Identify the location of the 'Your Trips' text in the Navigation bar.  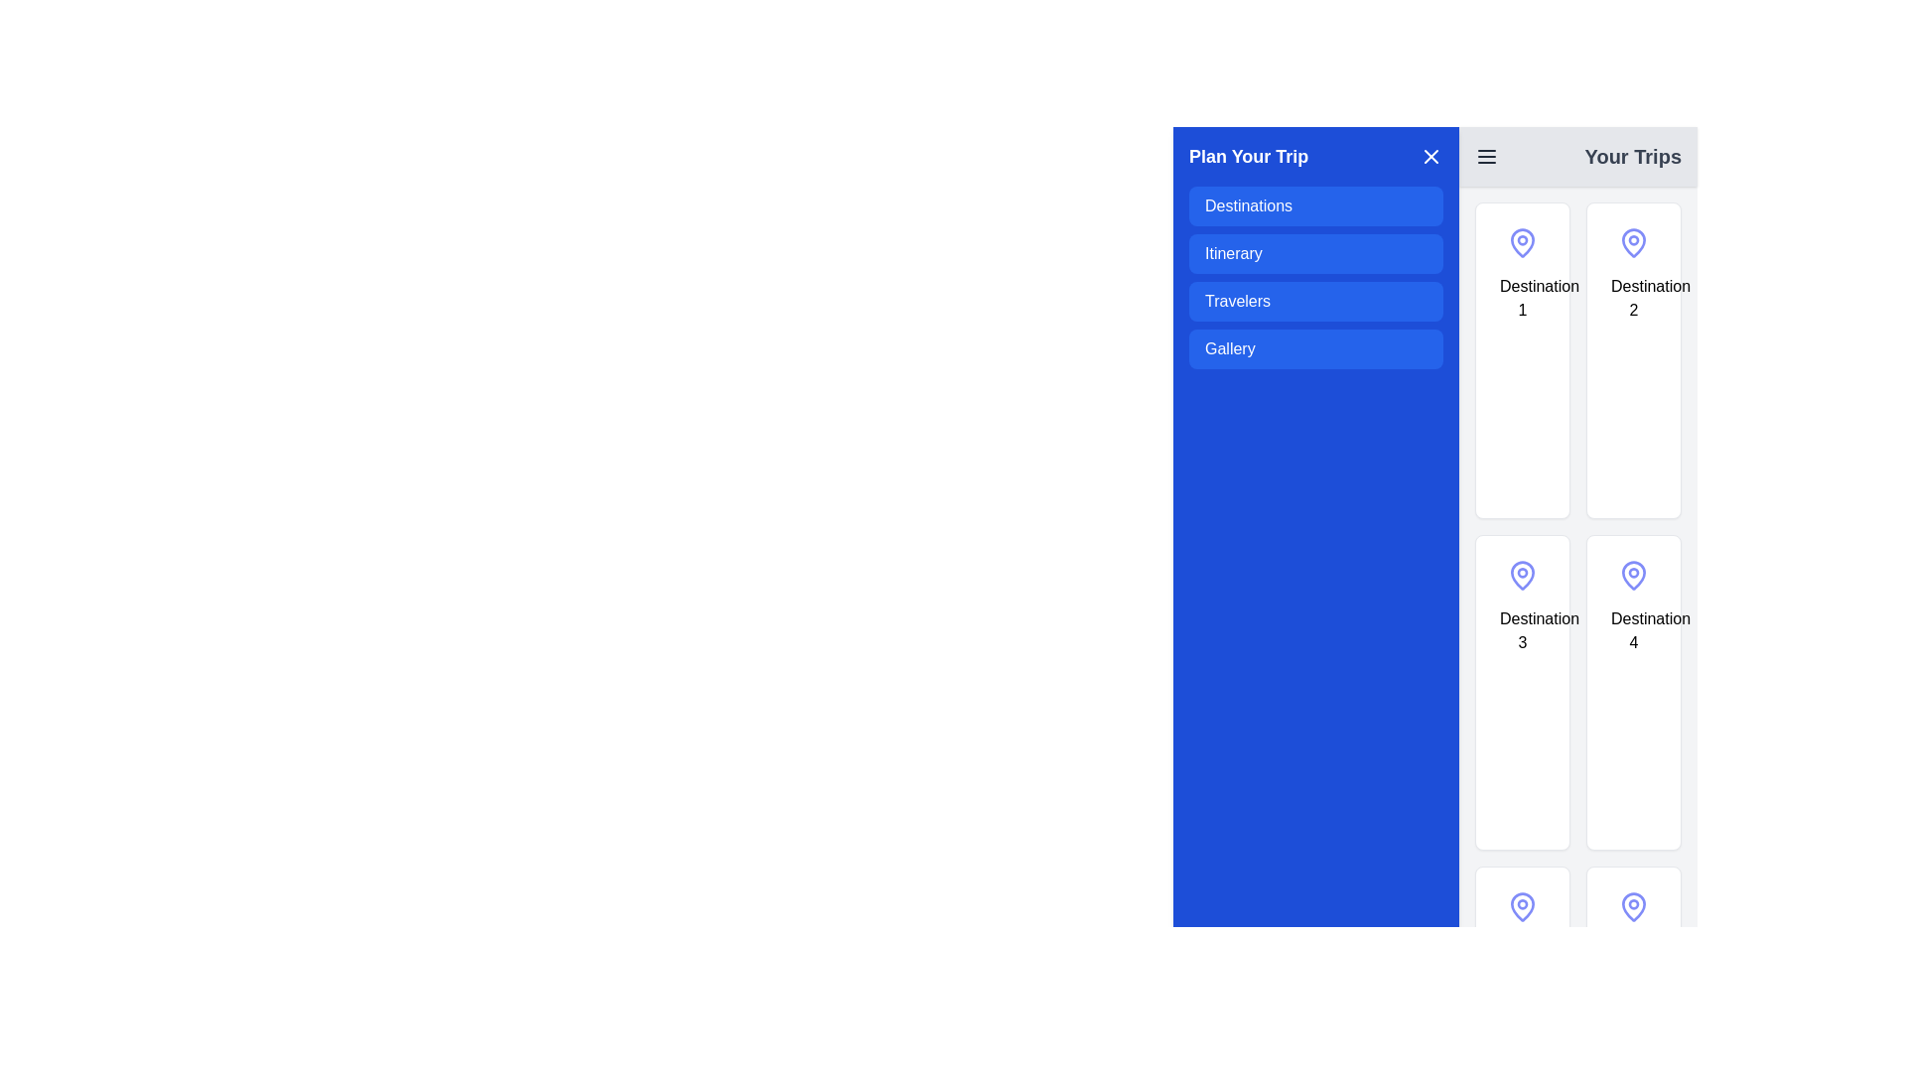
(1576, 156).